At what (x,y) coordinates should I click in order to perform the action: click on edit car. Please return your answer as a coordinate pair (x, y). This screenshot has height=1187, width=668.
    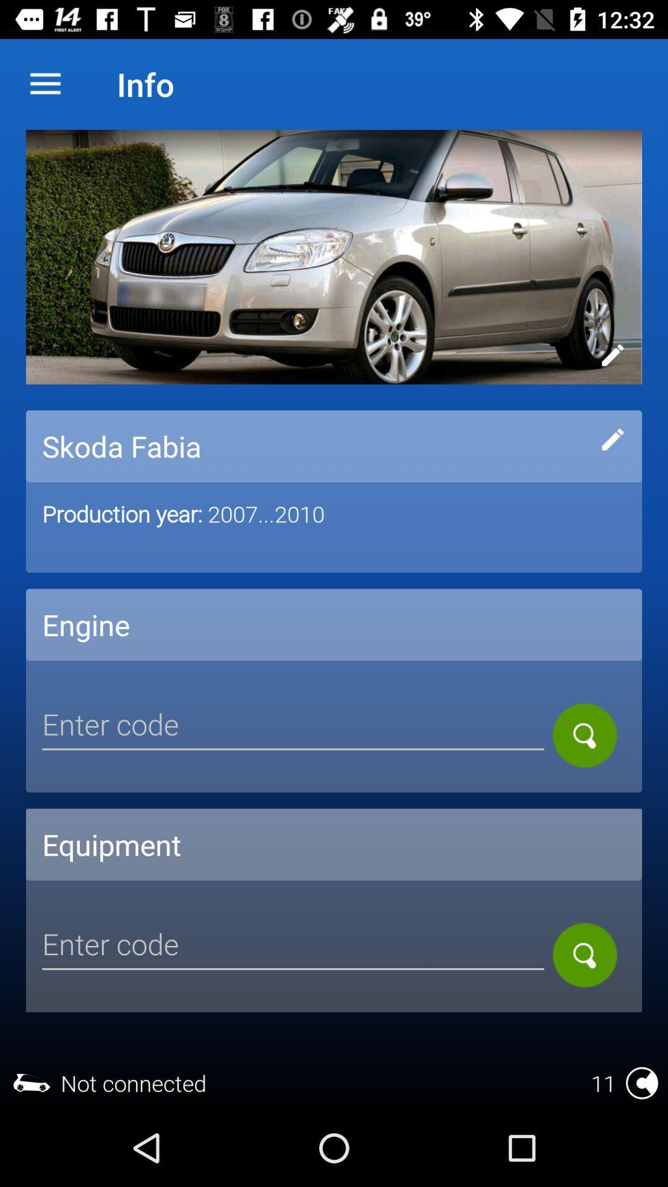
    Looking at the image, I should click on (612, 439).